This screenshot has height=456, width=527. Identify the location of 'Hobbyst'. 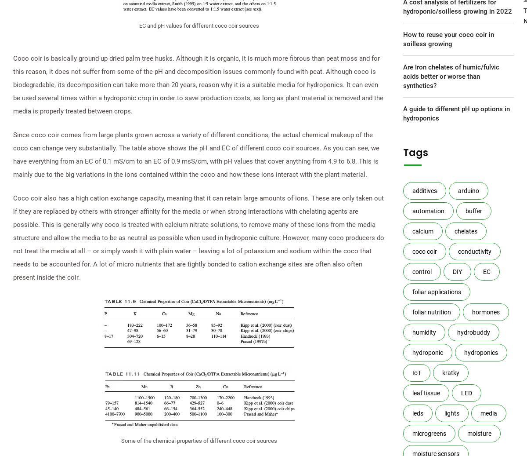
(433, 91).